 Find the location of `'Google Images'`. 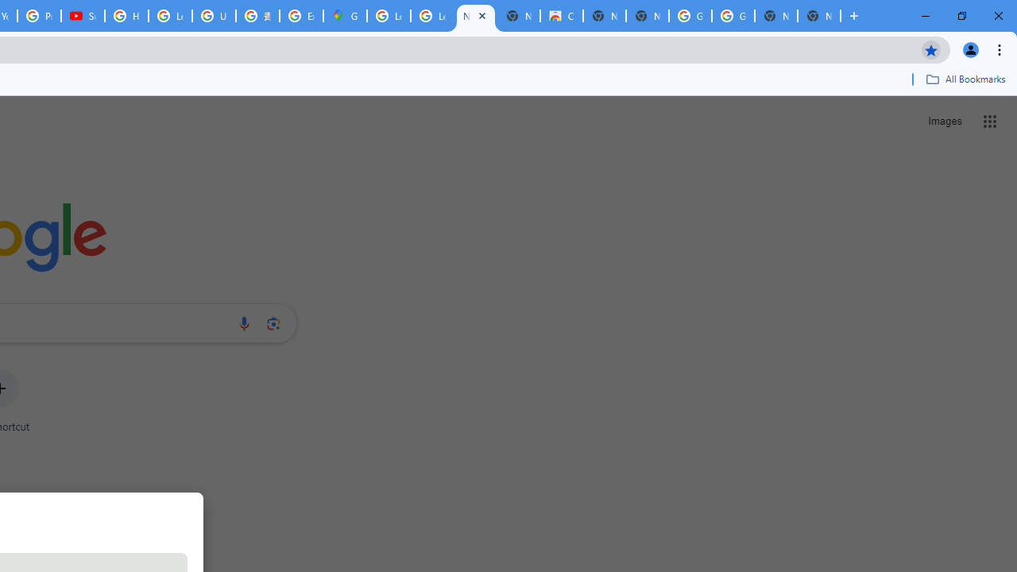

'Google Images' is located at coordinates (690, 16).